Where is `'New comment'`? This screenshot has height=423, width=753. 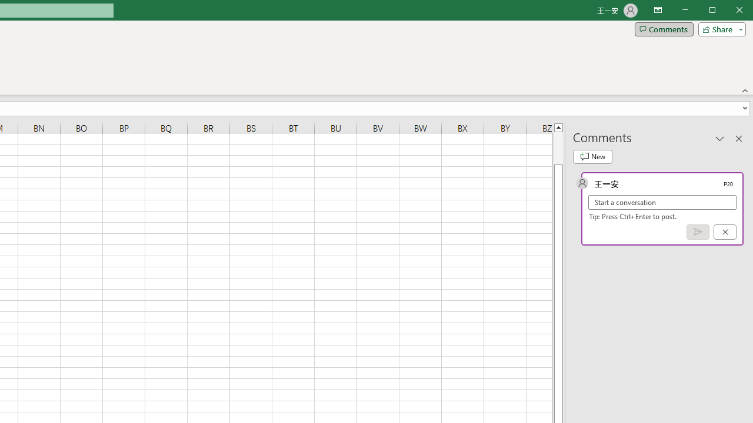 'New comment' is located at coordinates (592, 156).